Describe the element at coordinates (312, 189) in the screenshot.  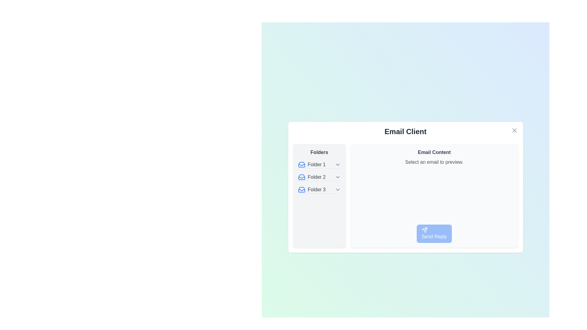
I see `the Folder list item labeled 'Folder 3' with a blue inbox icon` at that location.